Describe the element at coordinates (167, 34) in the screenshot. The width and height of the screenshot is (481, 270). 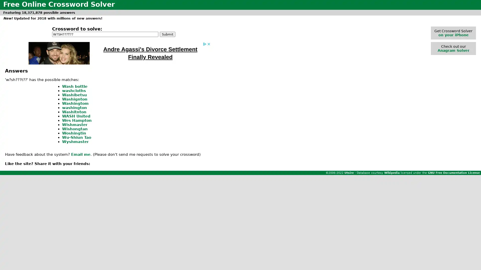
I see `Submit` at that location.